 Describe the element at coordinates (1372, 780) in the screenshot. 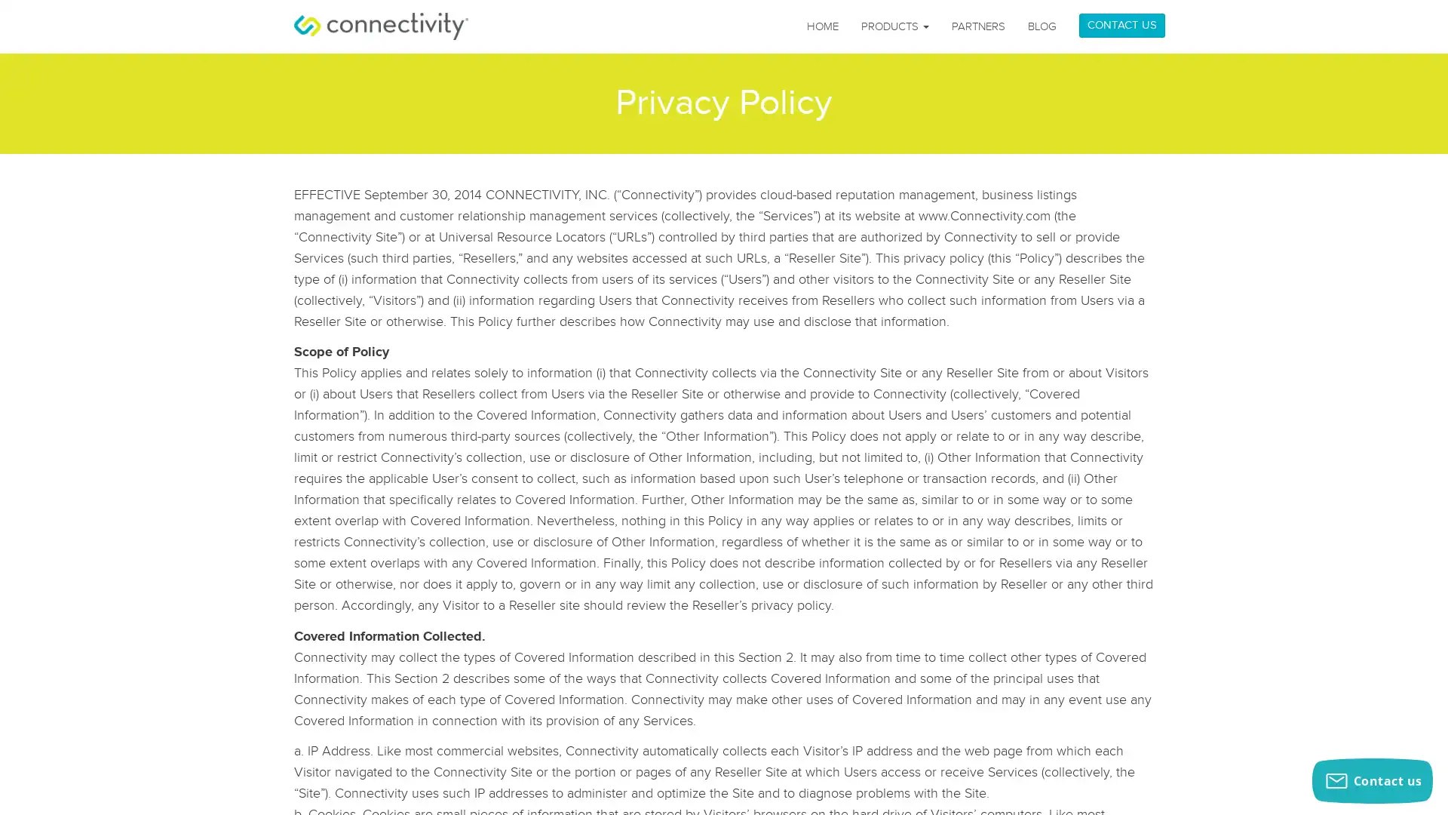

I see `Contact us` at that location.